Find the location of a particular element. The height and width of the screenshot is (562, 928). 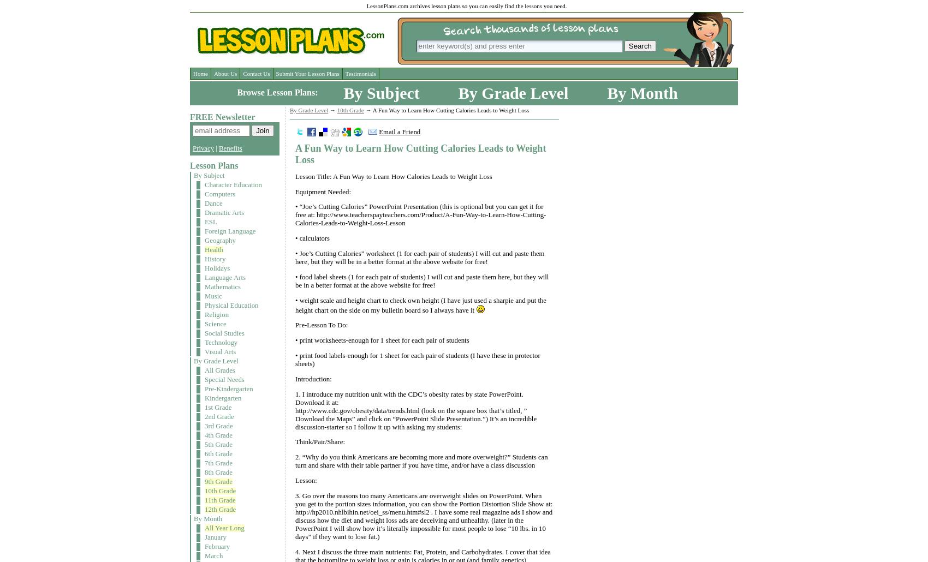

'9th Grade' is located at coordinates (218, 482).